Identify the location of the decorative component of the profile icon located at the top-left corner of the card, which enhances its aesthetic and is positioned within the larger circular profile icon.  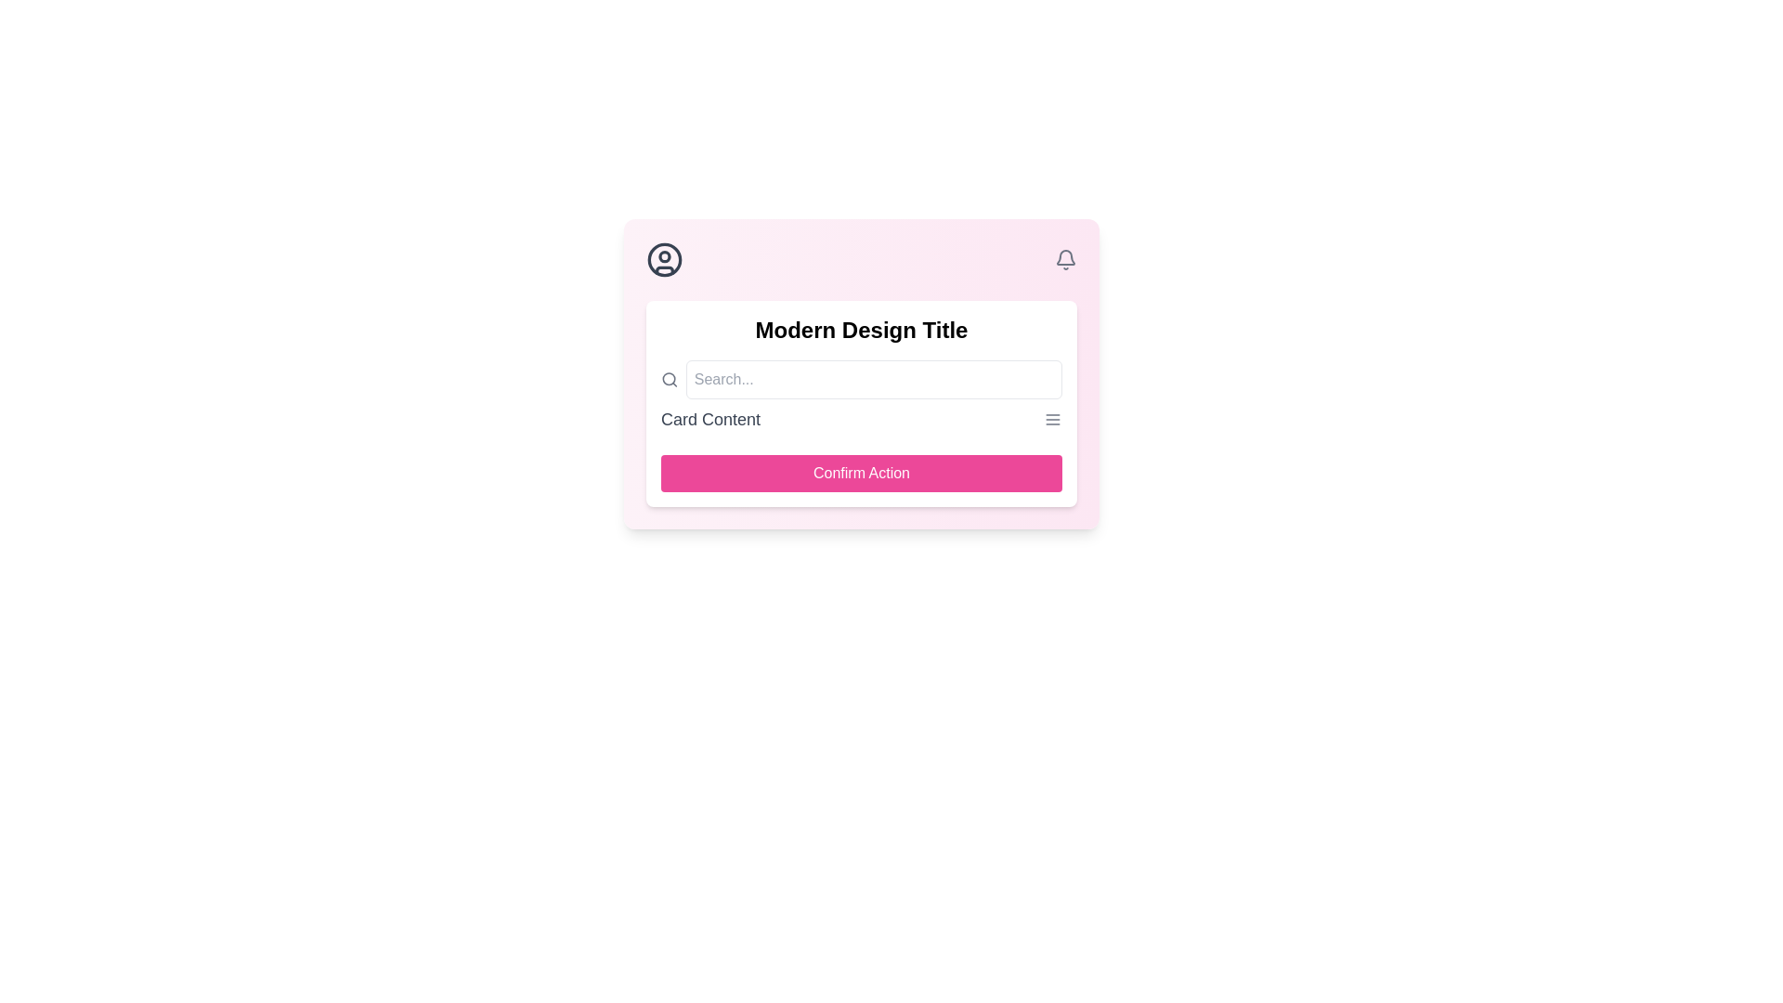
(664, 256).